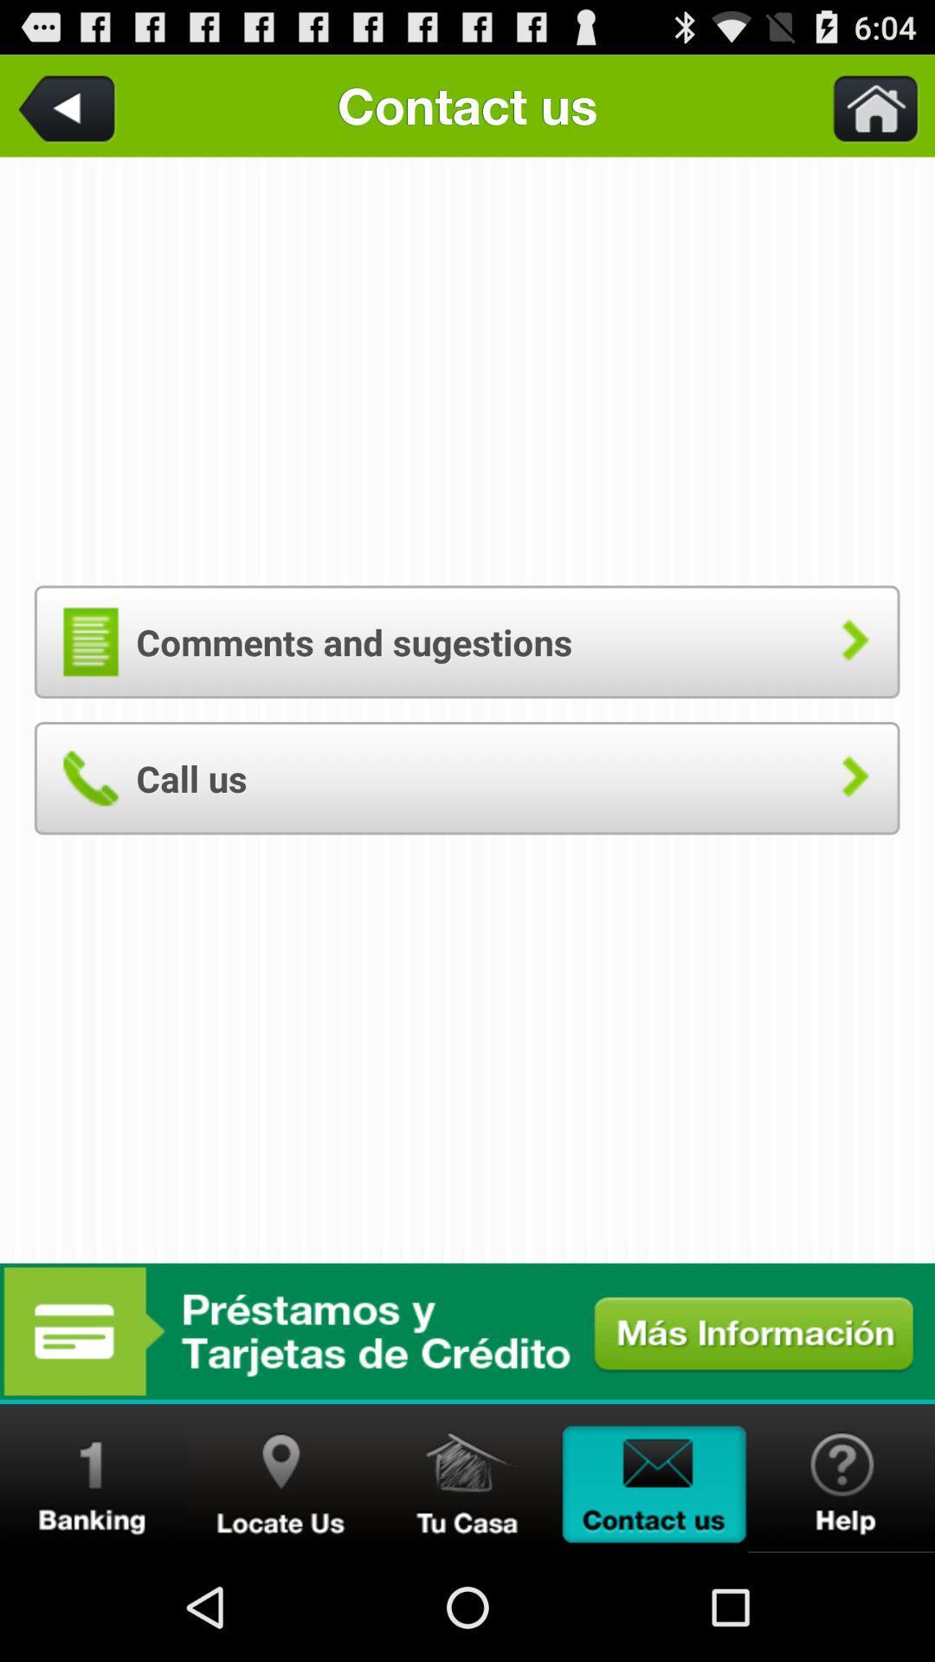  I want to click on the icon next to contact us, so click(865, 105).